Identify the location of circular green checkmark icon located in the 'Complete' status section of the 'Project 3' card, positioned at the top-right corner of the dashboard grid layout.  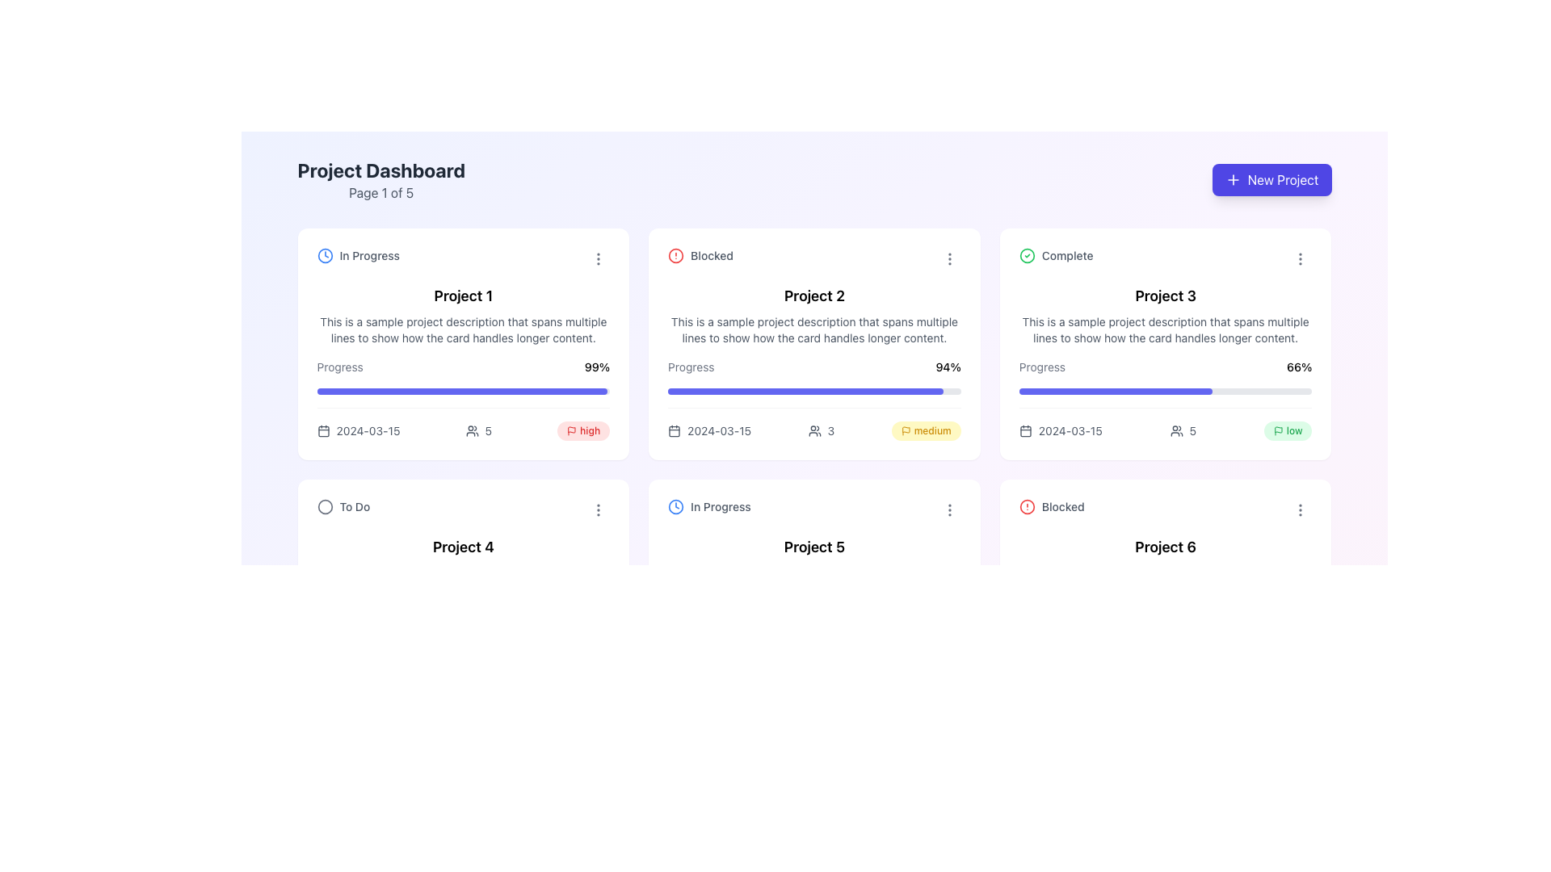
(1026, 254).